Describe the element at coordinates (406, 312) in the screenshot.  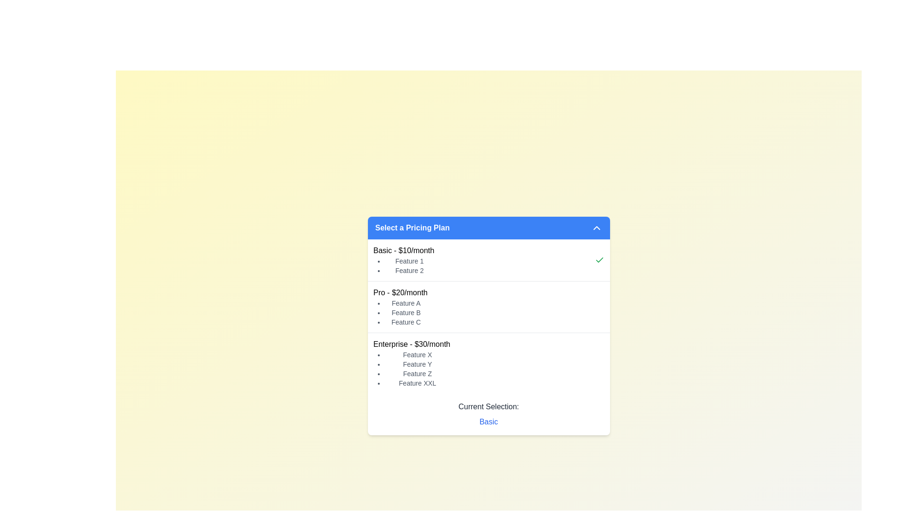
I see `the text label displaying 'Feature B', which is the second item in the bulleted list under the 'Pro - $20/month' section, positioned between 'Feature A' and 'Feature C'` at that location.